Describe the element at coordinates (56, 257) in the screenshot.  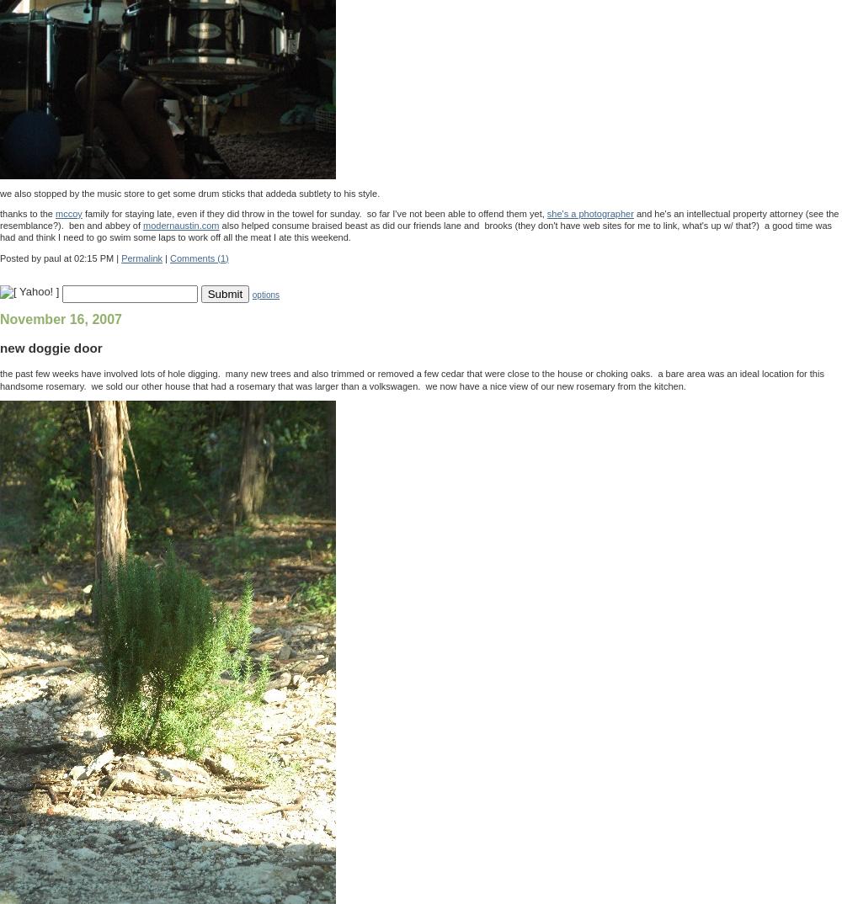
I see `'Posted by paul at 02:15 PM'` at that location.